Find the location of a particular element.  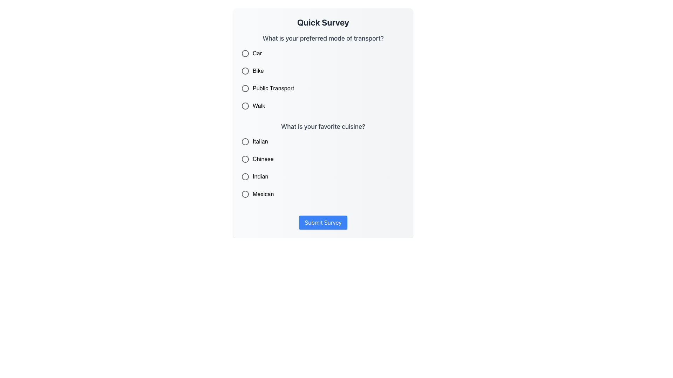

the third radio button option labeled 'What is your favorite cuisine?' is located at coordinates (245, 176).